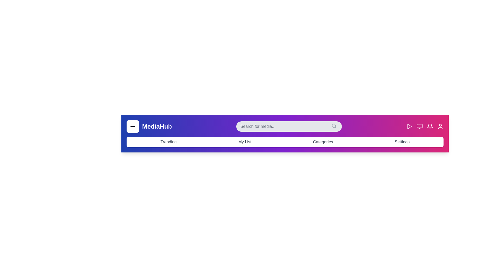 This screenshot has height=280, width=498. Describe the element at coordinates (245, 142) in the screenshot. I see `the navigation menu item My List` at that location.